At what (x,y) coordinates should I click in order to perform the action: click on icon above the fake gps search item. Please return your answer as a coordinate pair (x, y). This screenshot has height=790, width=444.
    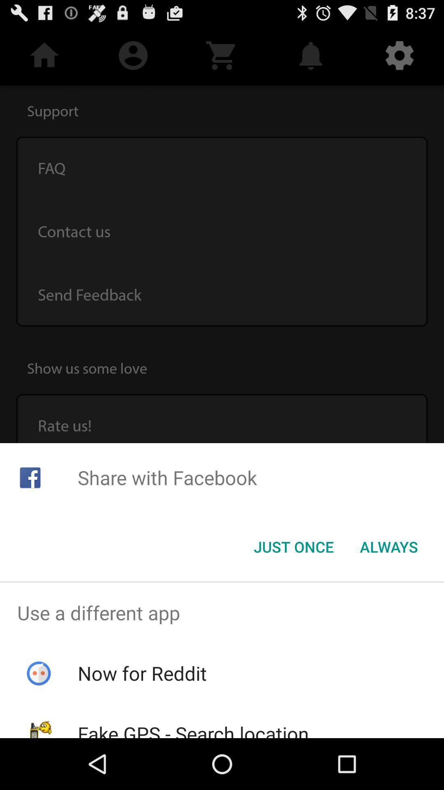
    Looking at the image, I should click on (142, 673).